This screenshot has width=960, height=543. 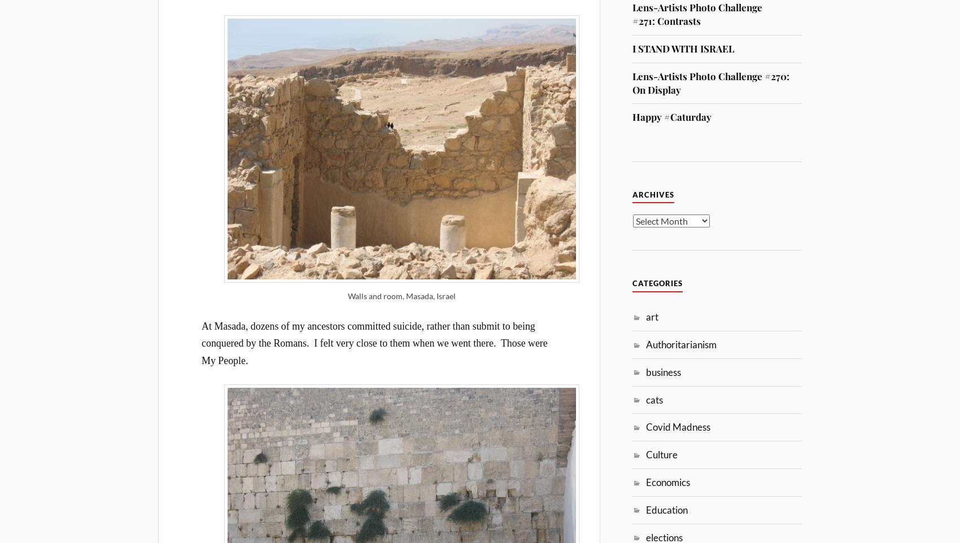 I want to click on 'Education', so click(x=666, y=509).